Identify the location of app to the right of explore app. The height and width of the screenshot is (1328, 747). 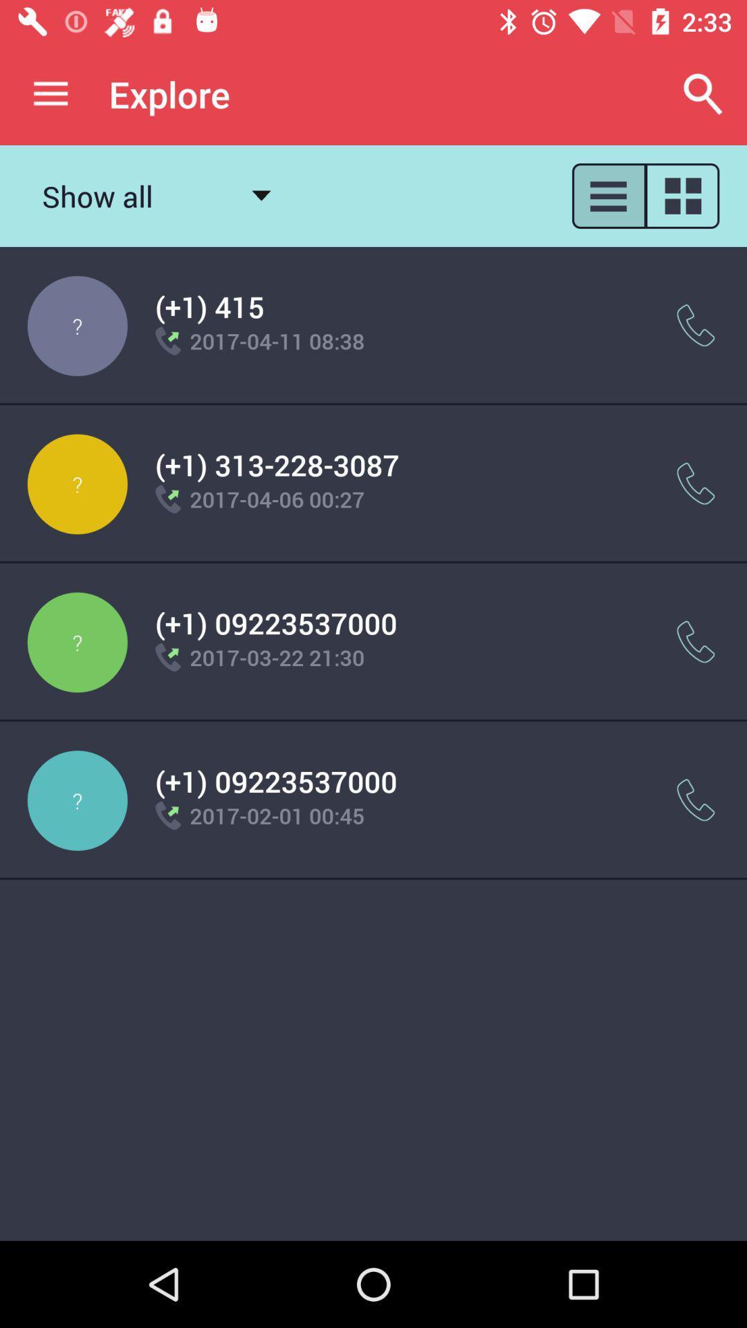
(703, 93).